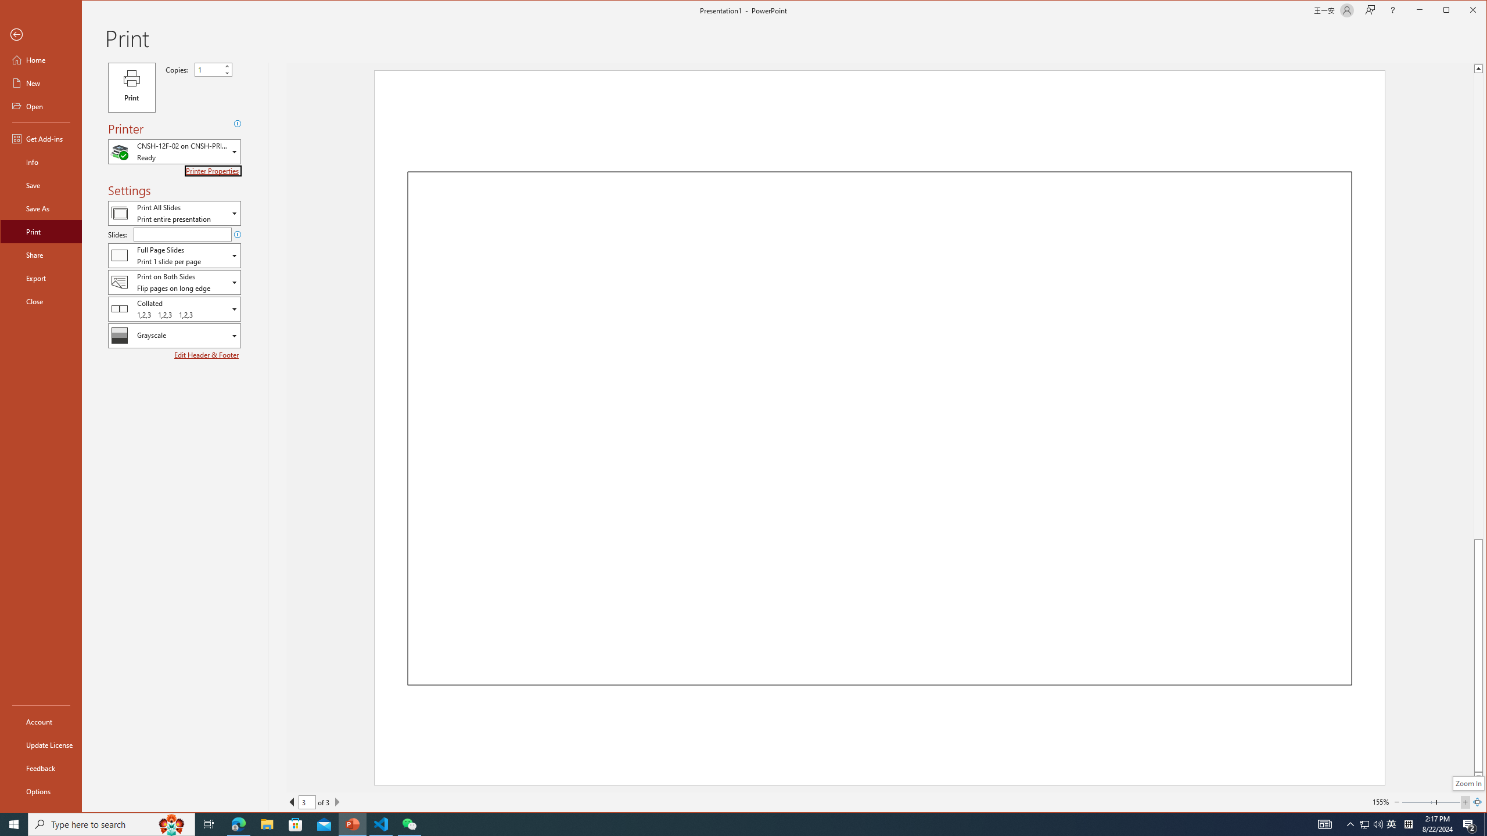 The image size is (1487, 836). Describe the element at coordinates (410, 823) in the screenshot. I see `'WeChat - 1 running window'` at that location.